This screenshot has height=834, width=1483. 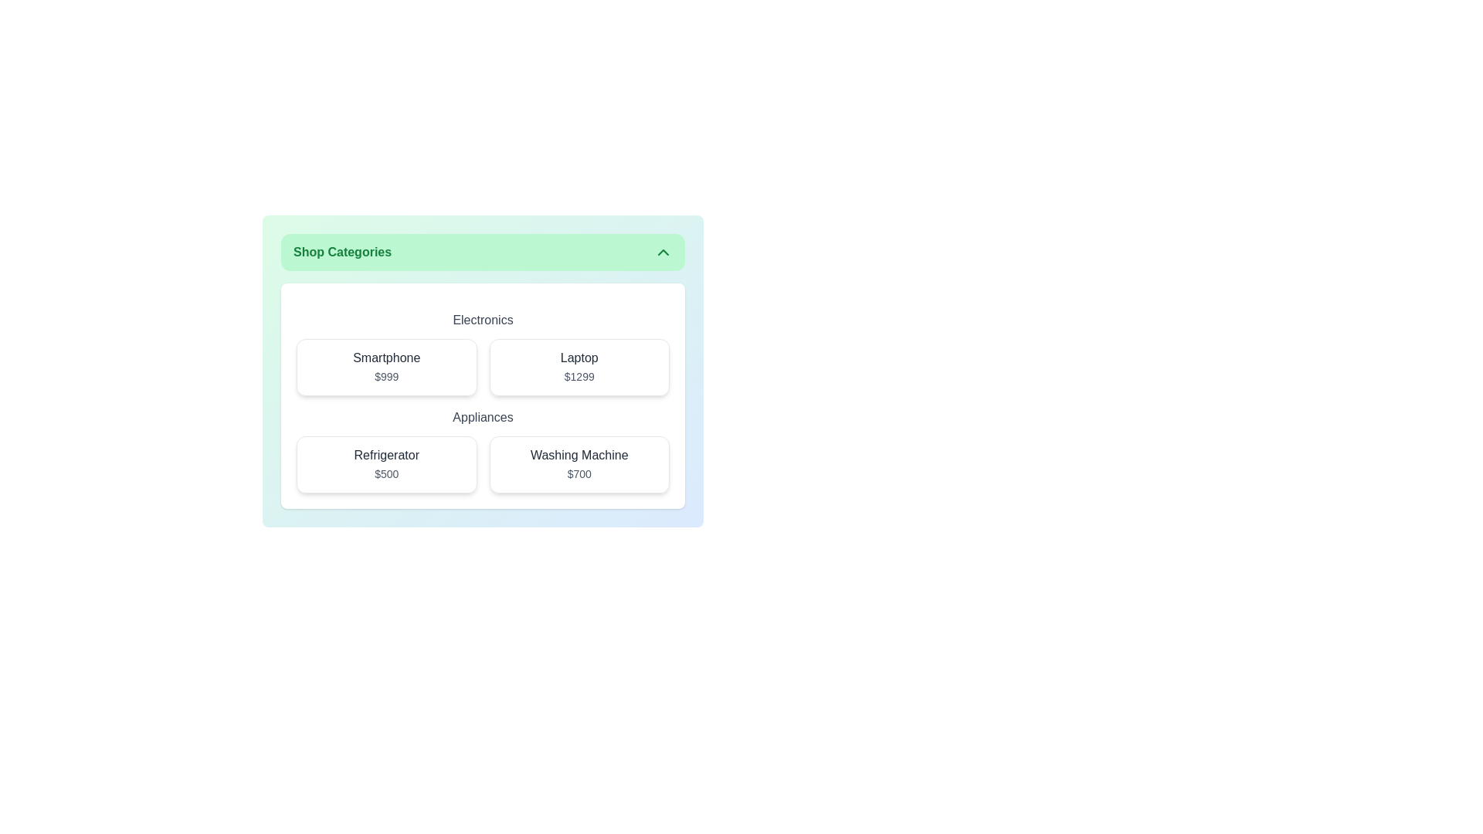 What do you see at coordinates (663, 252) in the screenshot?
I see `the upward-pointing chevron icon in the top-right corner of the green header labeled 'Shop Categories'` at bounding box center [663, 252].